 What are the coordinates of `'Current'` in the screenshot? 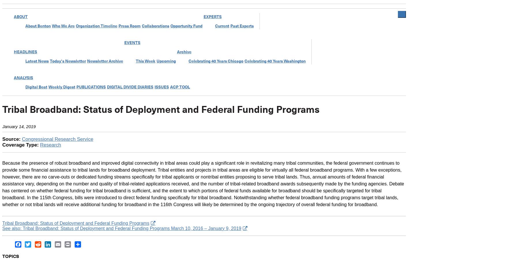 It's located at (222, 26).